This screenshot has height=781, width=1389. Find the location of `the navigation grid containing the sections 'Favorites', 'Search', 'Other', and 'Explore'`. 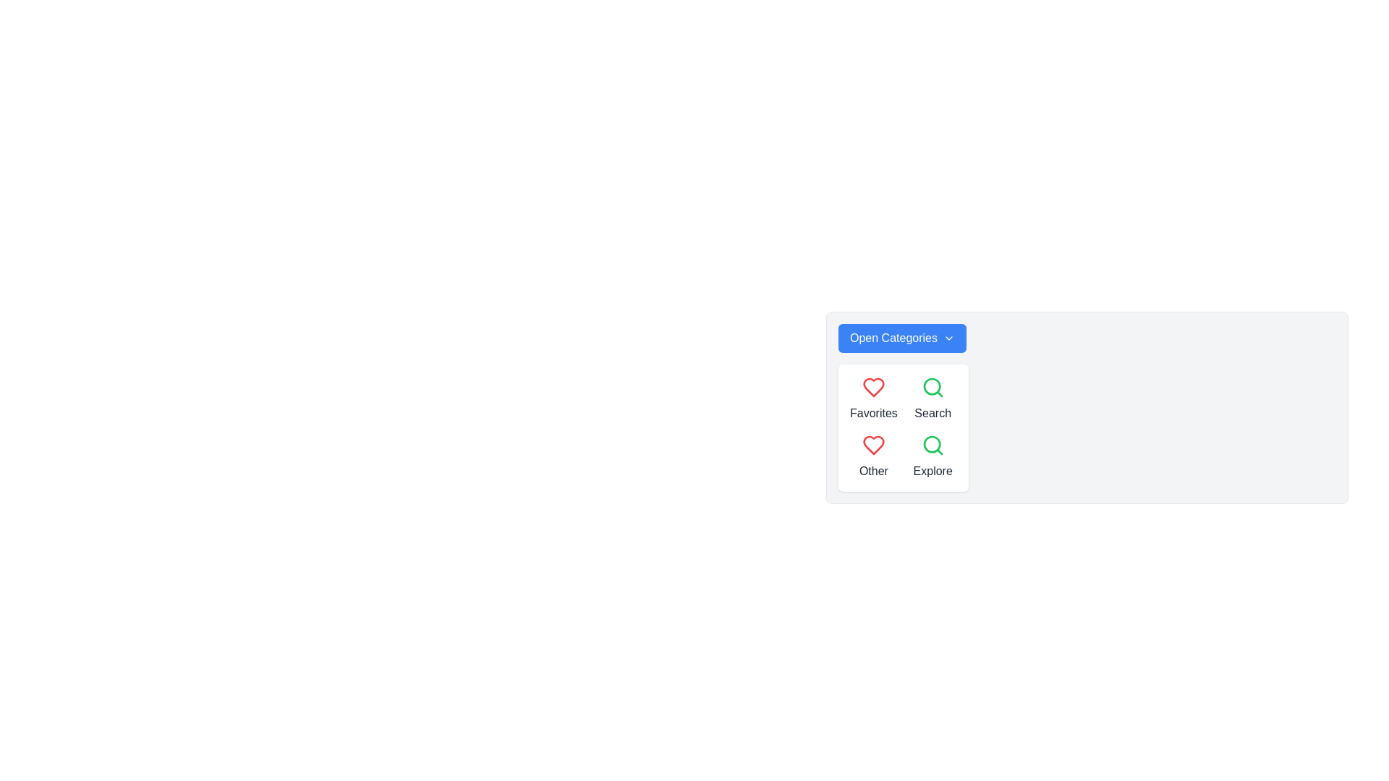

the navigation grid containing the sections 'Favorites', 'Search', 'Other', and 'Explore' is located at coordinates (902, 427).